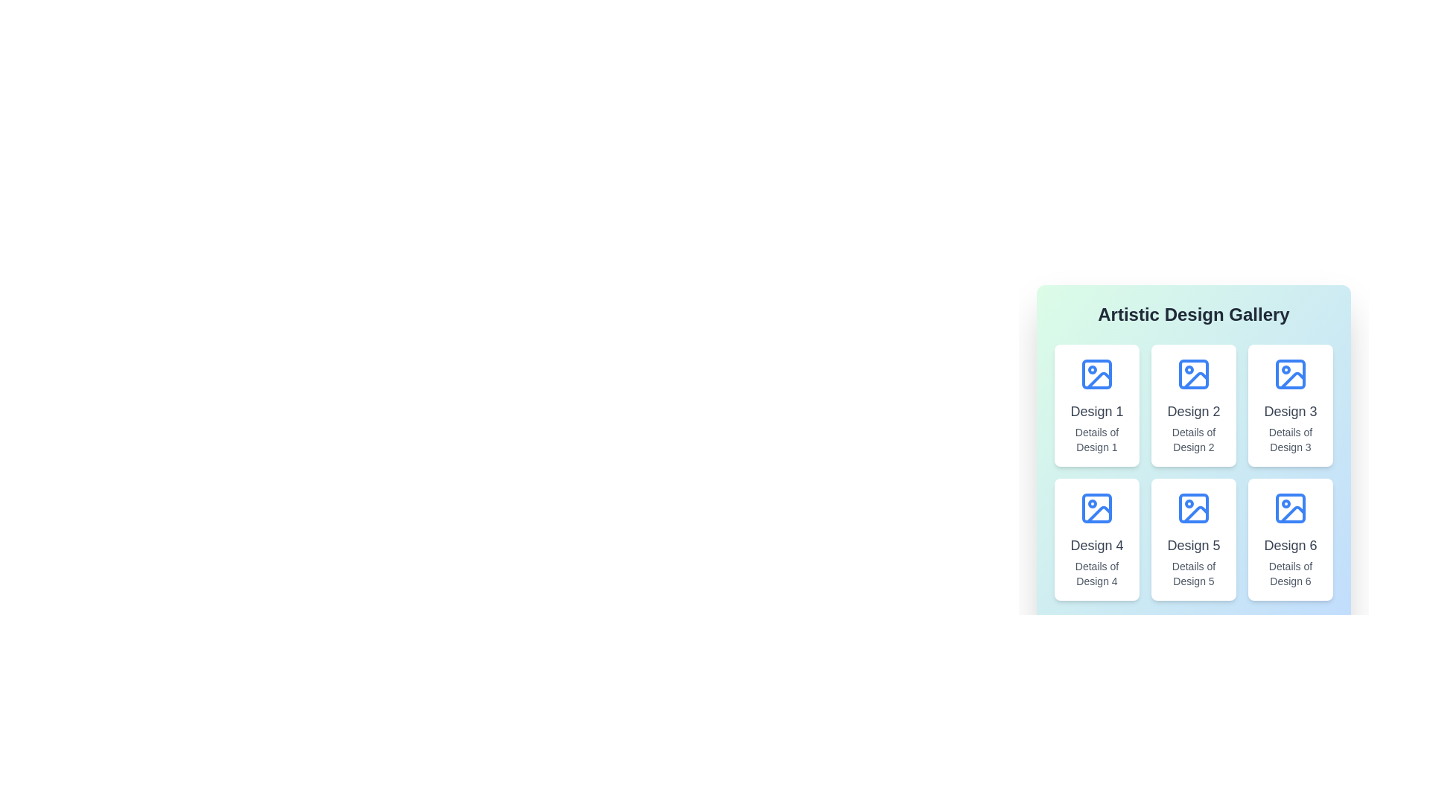 The image size is (1430, 804). I want to click on the blue decorative SVG rectangle located in the center column of the second row within the 'Design 5' card of the 'Artistic Design Gallery', so click(1194, 507).